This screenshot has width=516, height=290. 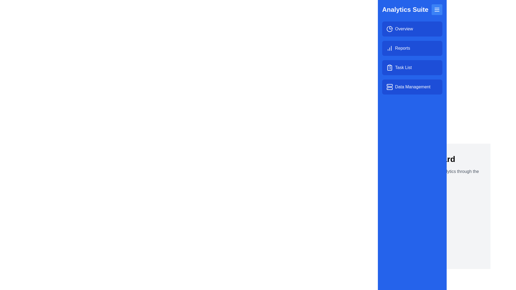 I want to click on the menu item labeled Data Management to navigate to its respective section, so click(x=412, y=87).